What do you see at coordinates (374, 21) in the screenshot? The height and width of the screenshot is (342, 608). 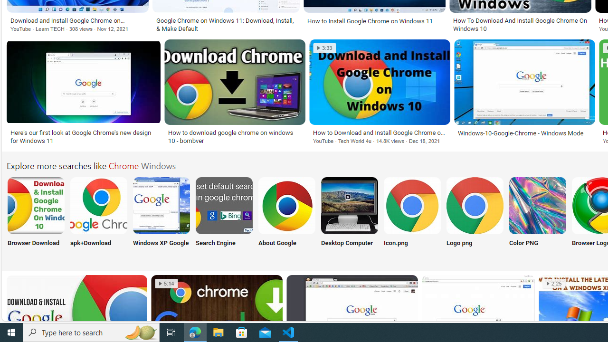 I see `'How to Install Google Chrome on Windows 11'` at bounding box center [374, 21].